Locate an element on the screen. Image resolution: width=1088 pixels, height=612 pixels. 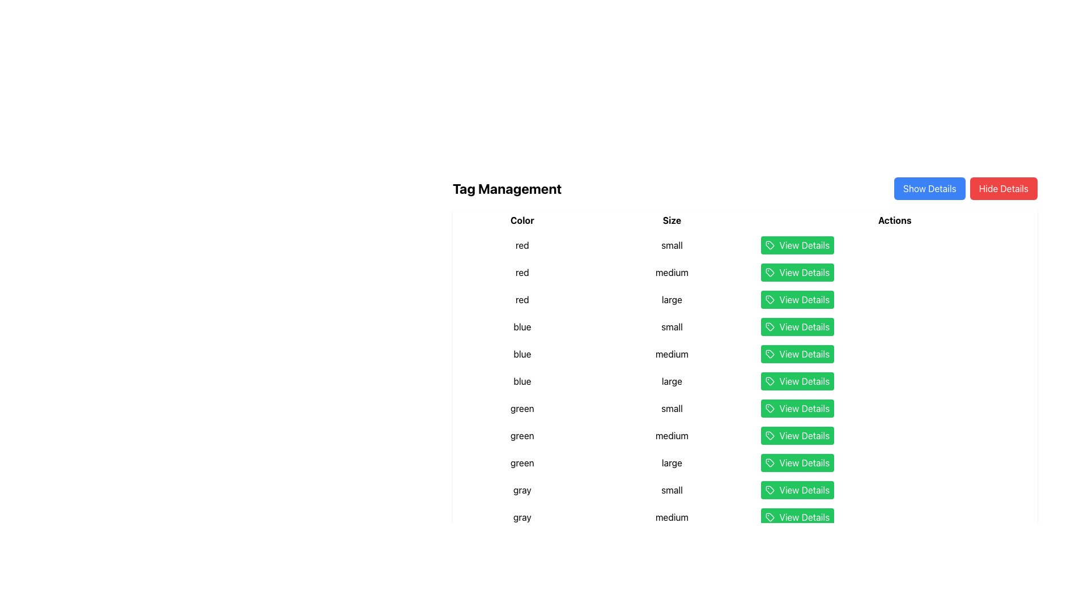
the 'View Details' button located in the second row under the 'blue' color category in the table is located at coordinates (745, 353).